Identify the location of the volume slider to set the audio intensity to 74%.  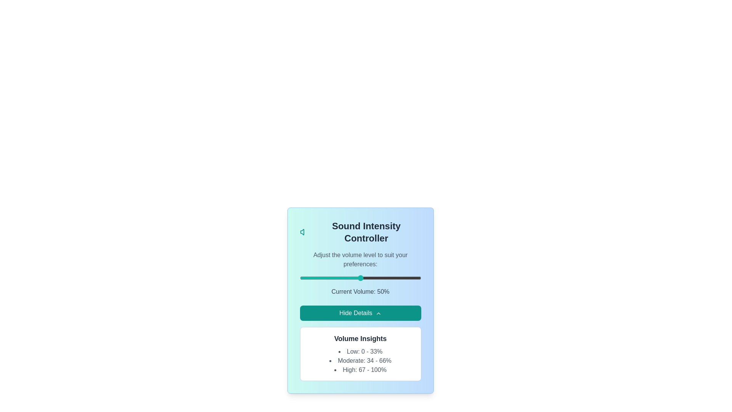
(389, 278).